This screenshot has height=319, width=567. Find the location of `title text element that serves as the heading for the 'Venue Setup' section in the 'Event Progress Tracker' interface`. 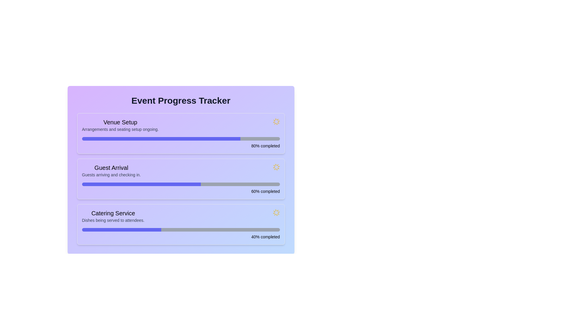

title text element that serves as the heading for the 'Venue Setup' section in the 'Event Progress Tracker' interface is located at coordinates (120, 122).